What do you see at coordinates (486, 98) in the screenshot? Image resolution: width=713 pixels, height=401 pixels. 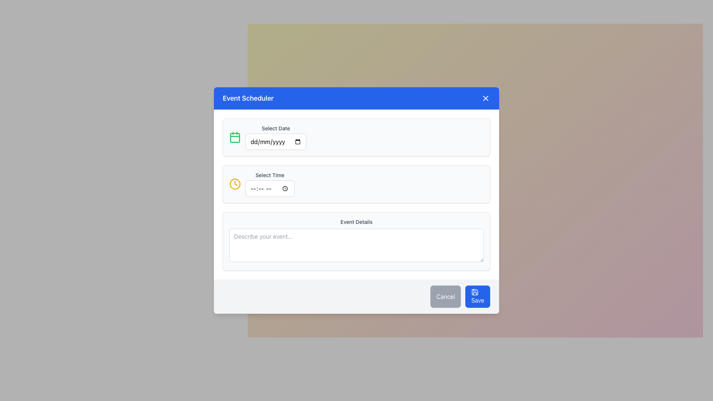 I see `the close button located at the far right end of the title bar in the 'Event Scheduler' dialog window` at bounding box center [486, 98].